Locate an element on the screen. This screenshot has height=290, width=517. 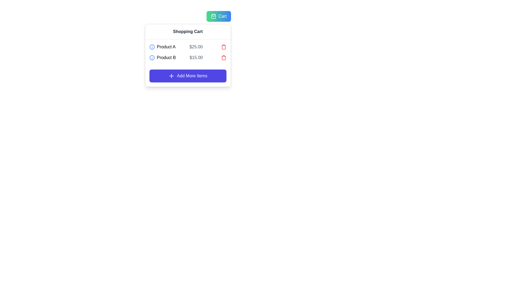
the second text label in the 'Shopping Cart' section is located at coordinates (166, 58).